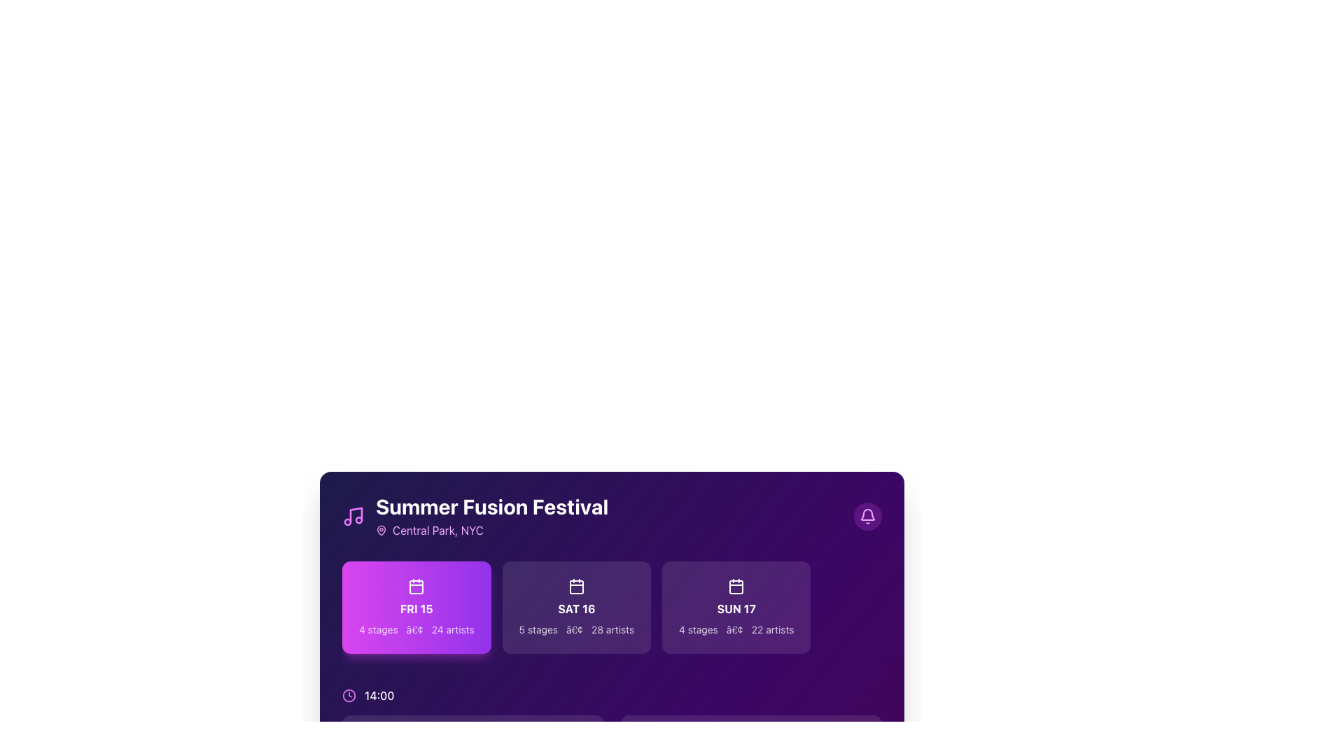 The image size is (1344, 756). Describe the element at coordinates (576, 629) in the screenshot. I see `static text that provides descriptive information about the event 'SAT 16', including the number of stages and artists associated with it, which is located centrally below the main date text within its card` at that location.